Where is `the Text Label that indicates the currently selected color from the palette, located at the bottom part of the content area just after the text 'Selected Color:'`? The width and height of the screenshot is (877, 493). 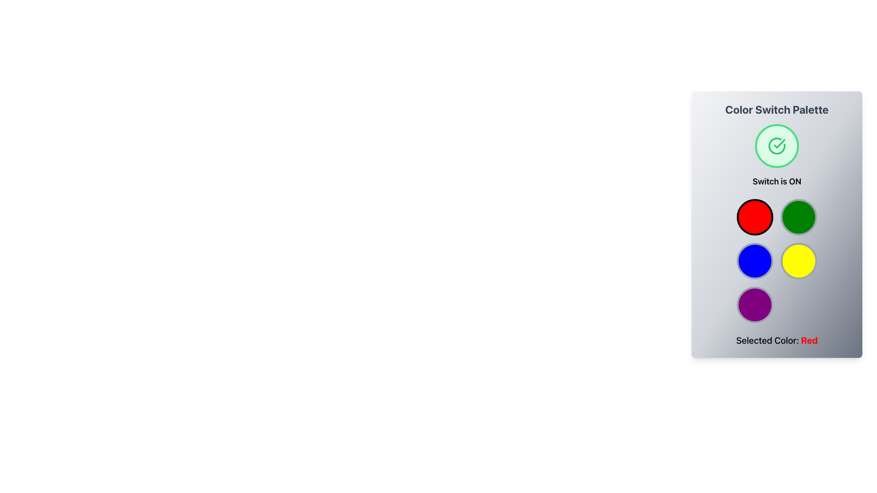
the Text Label that indicates the currently selected color from the palette, located at the bottom part of the content area just after the text 'Selected Color:' is located at coordinates (809, 340).